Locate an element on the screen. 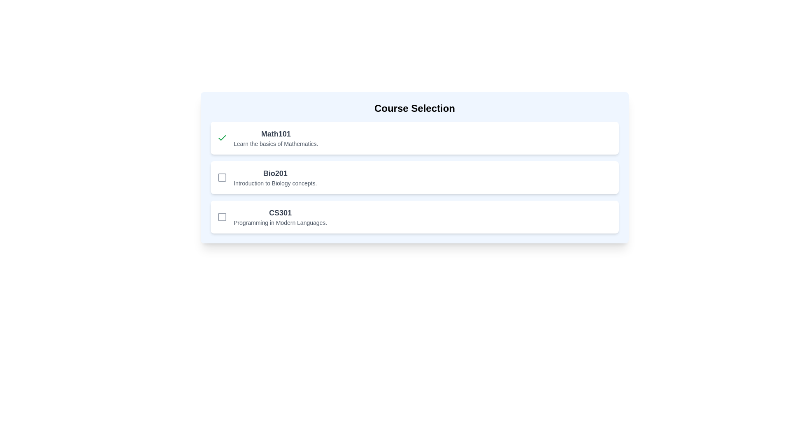 This screenshot has height=444, width=790. the selectable list item labeled 'Bio201' is located at coordinates (415, 177).